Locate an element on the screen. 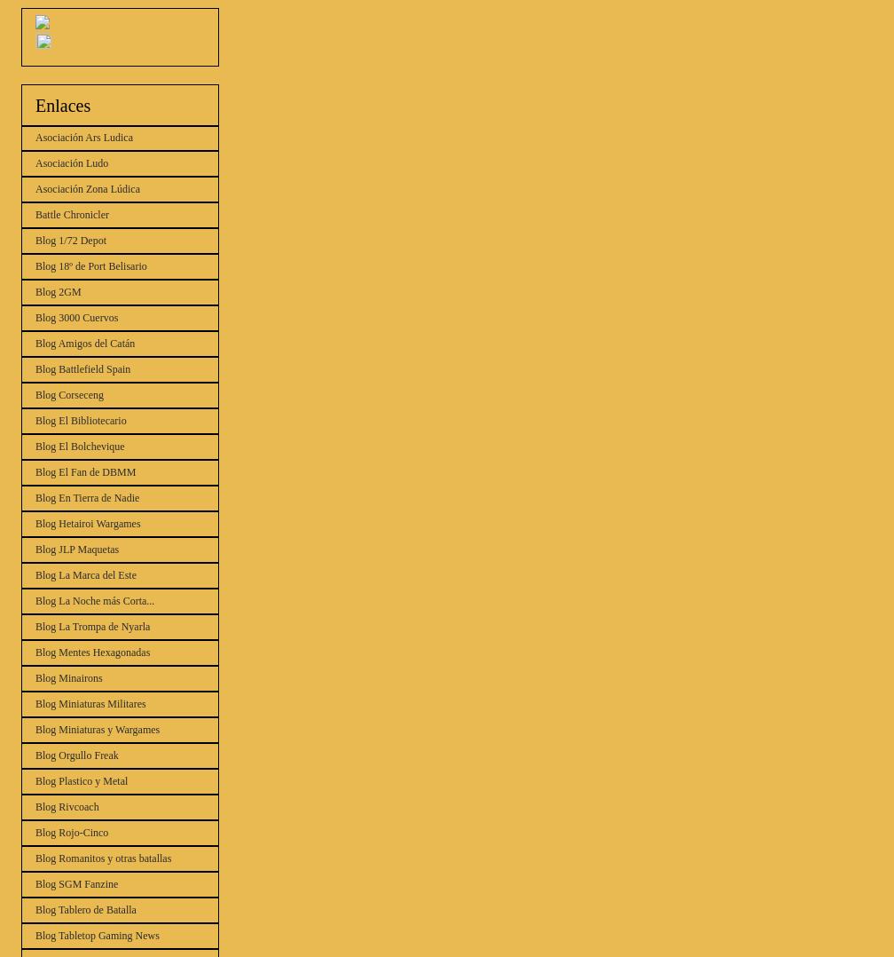  'Blog Hetairoi Wargames' is located at coordinates (87, 523).